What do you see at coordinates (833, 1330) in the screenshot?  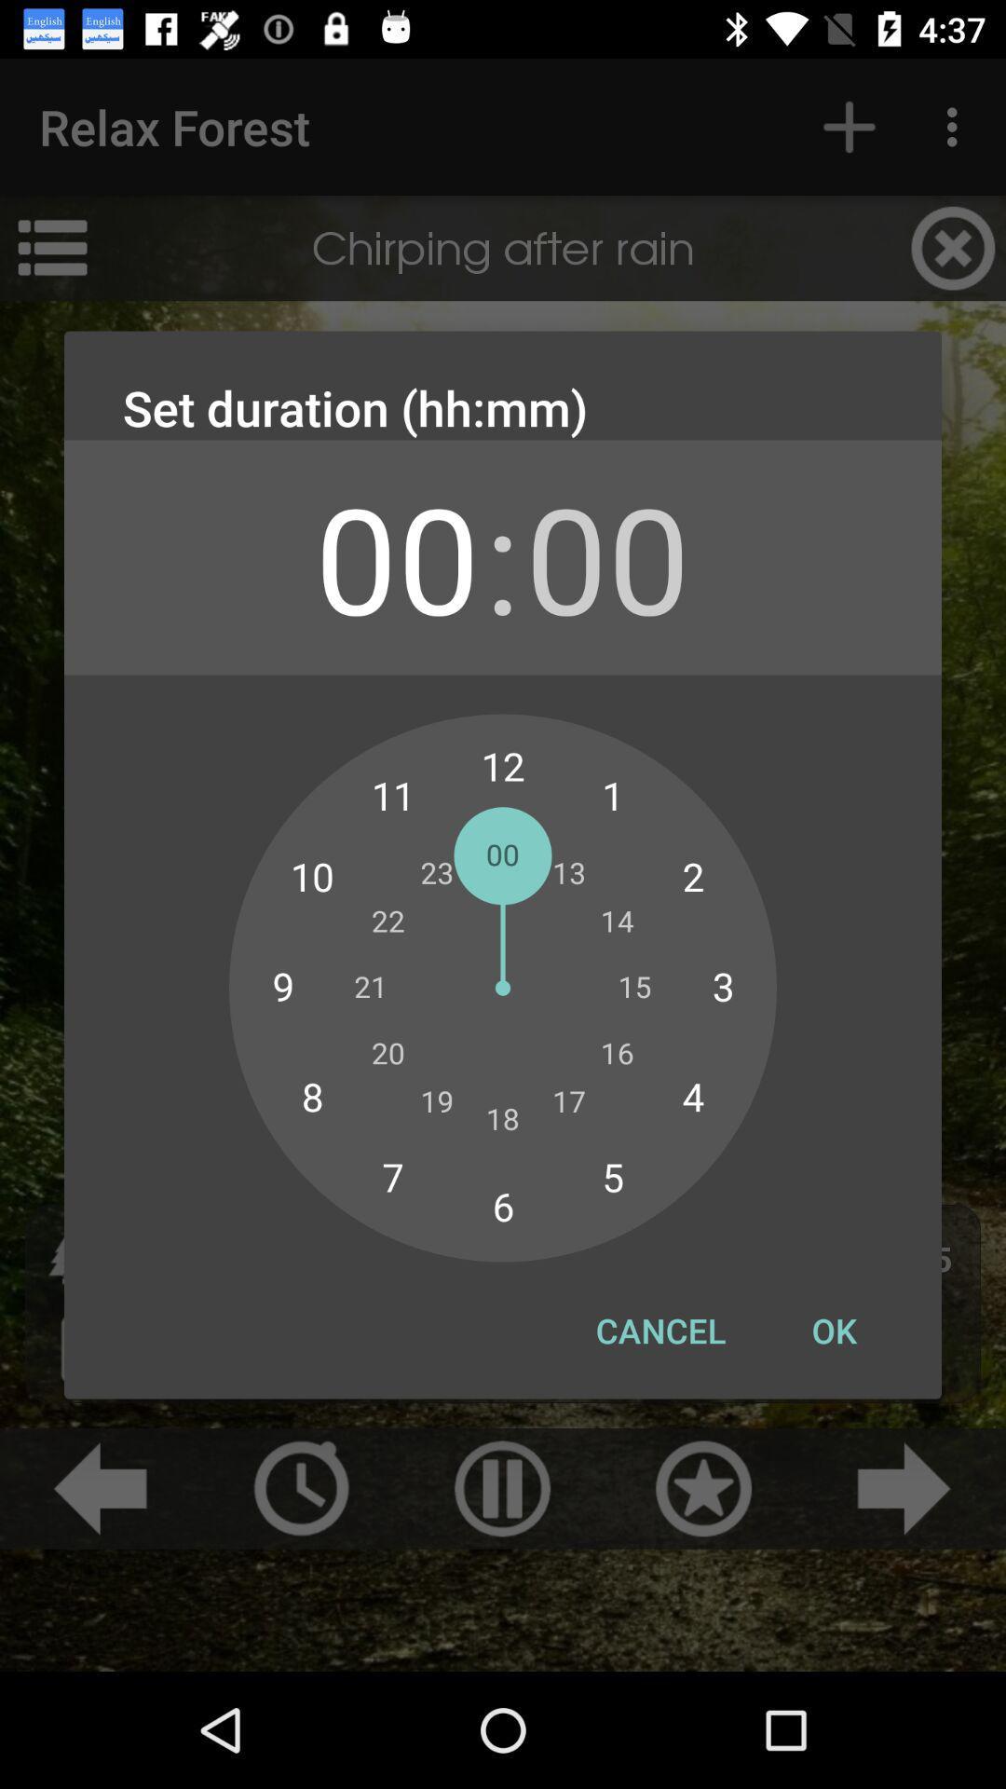 I see `the ok` at bounding box center [833, 1330].